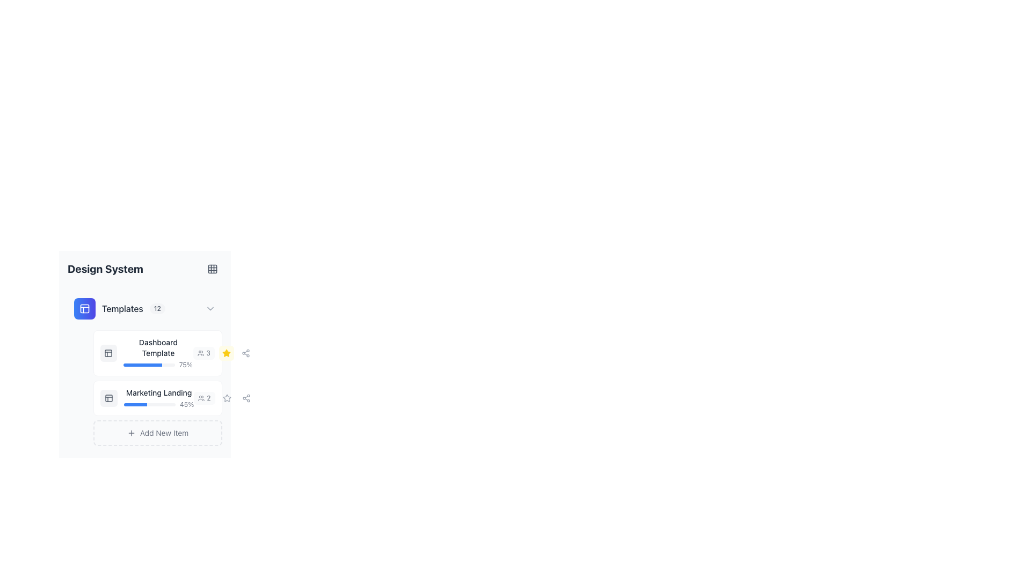 The height and width of the screenshot is (579, 1031). What do you see at coordinates (201, 398) in the screenshot?
I see `the user icon representing the number of people associated with the 'Marketing Landing' template, located below the 'Dashboard Template' item` at bounding box center [201, 398].